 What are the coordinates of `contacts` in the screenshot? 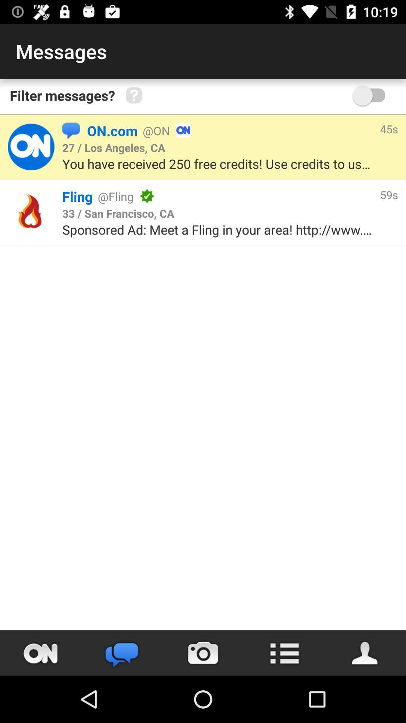 It's located at (365, 653).